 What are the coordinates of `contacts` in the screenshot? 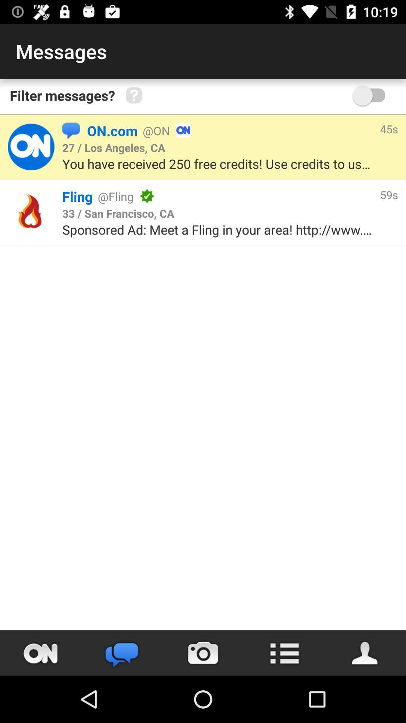 It's located at (365, 653).